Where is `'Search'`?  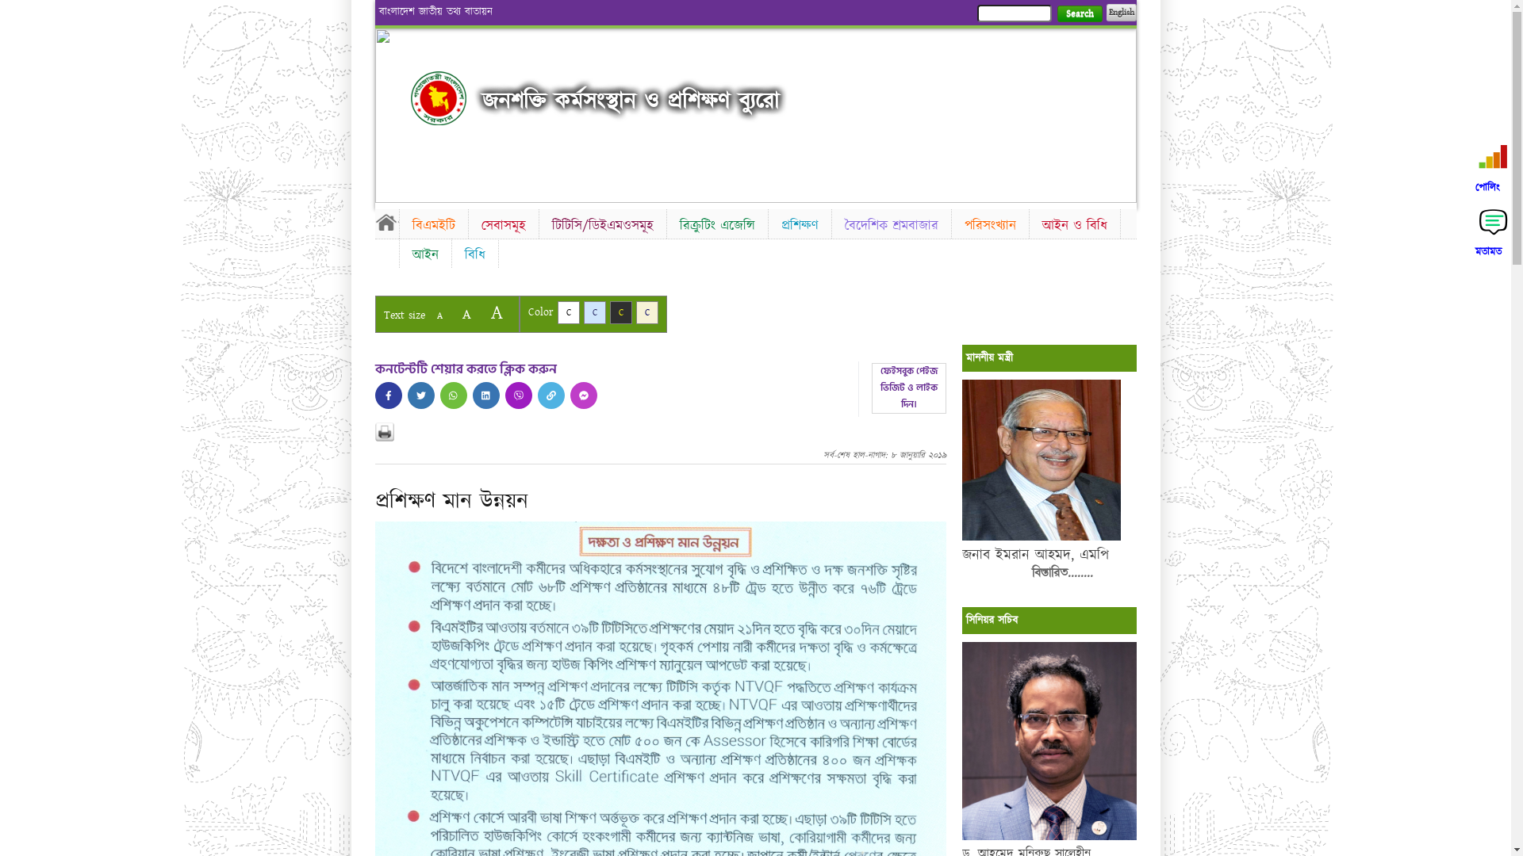 'Search' is located at coordinates (1079, 13).